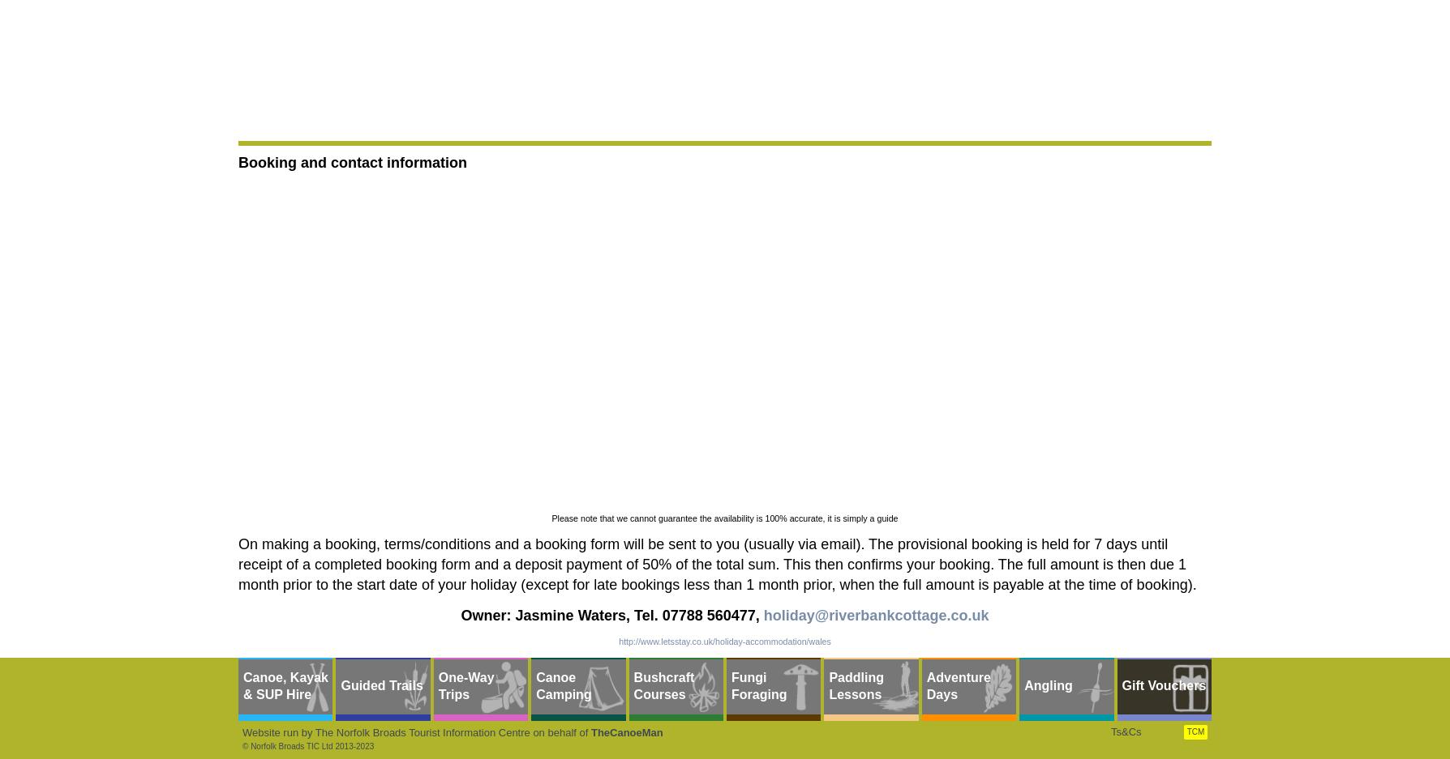 The width and height of the screenshot is (1450, 759). I want to click on 'Ts&Cs', so click(1126, 731).